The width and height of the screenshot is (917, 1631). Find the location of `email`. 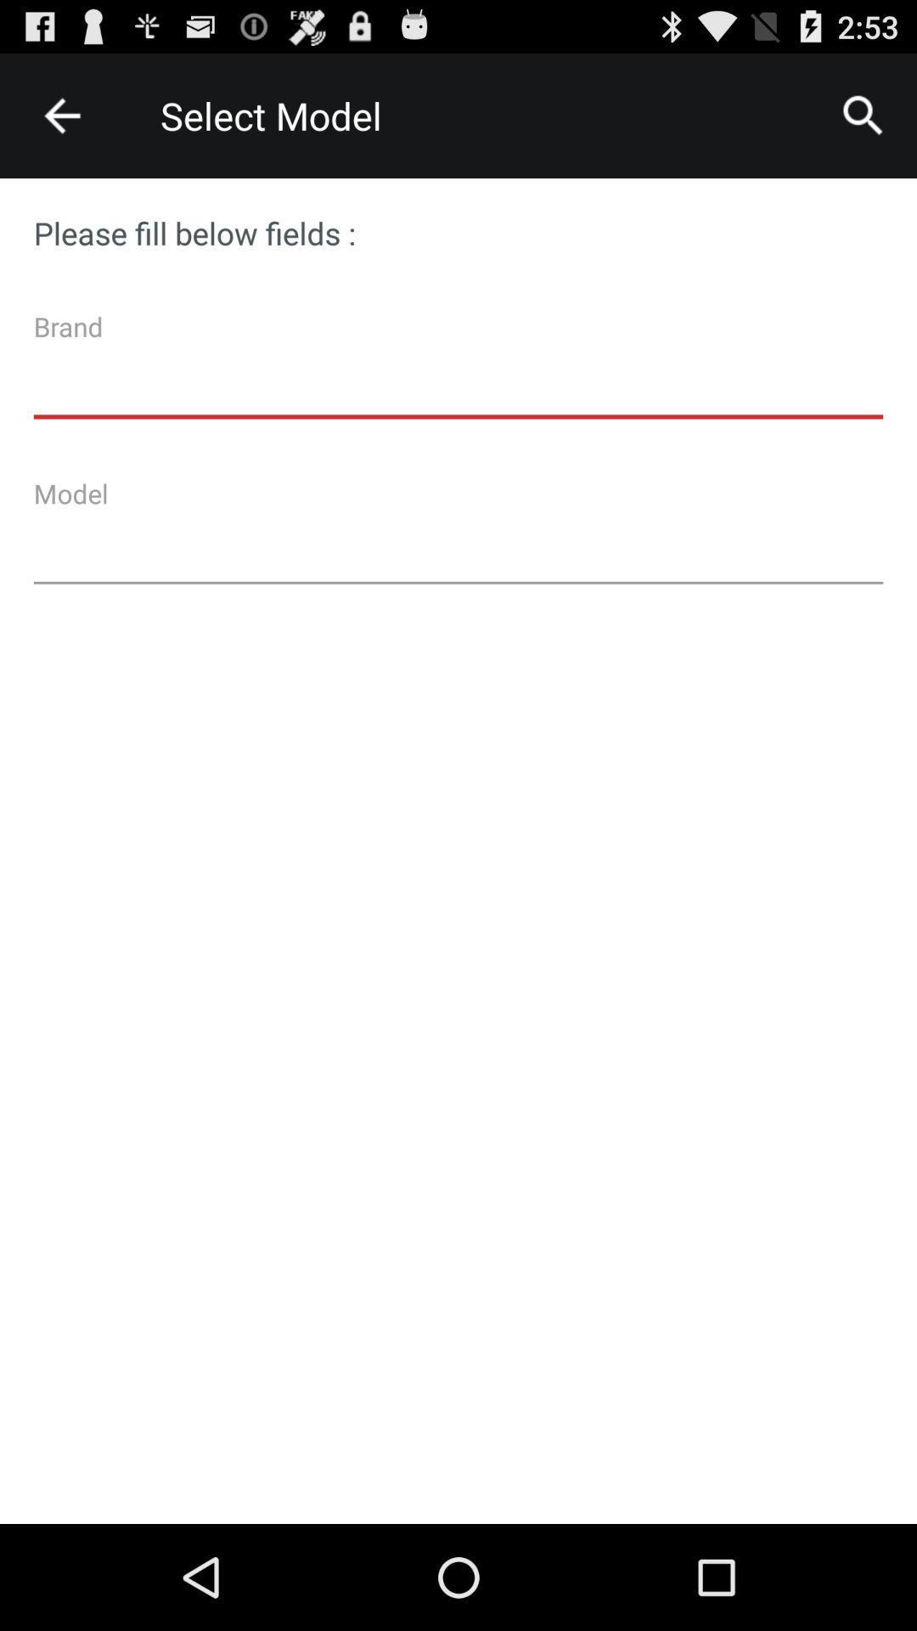

email is located at coordinates (458, 370).